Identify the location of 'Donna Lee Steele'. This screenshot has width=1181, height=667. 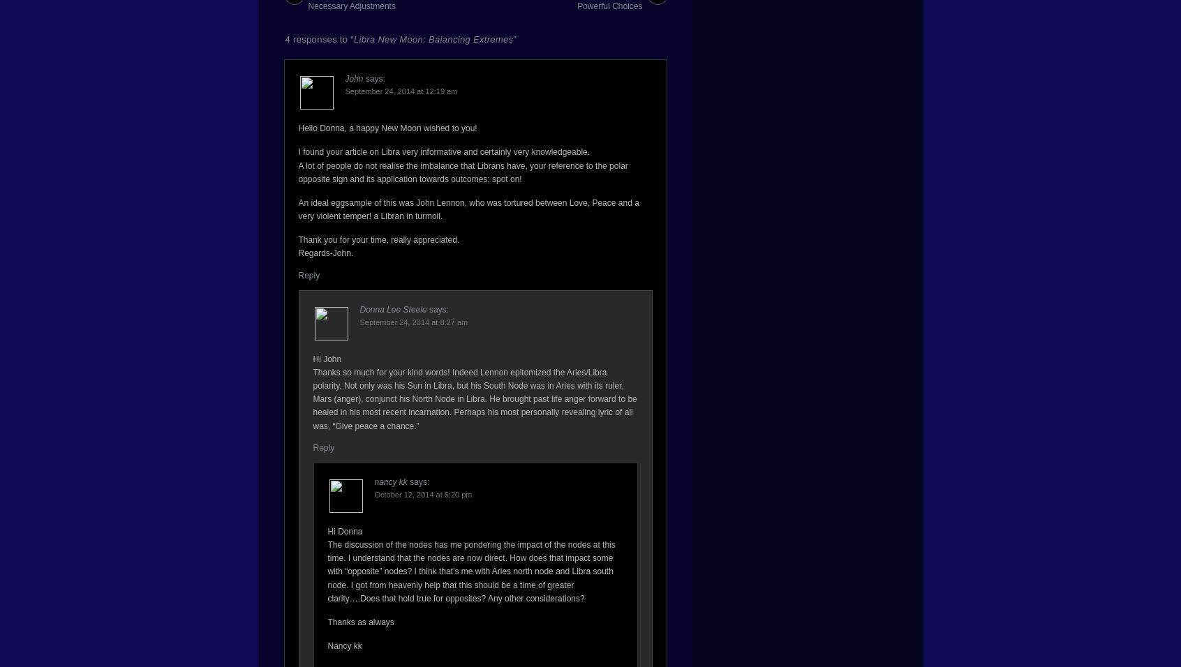
(392, 309).